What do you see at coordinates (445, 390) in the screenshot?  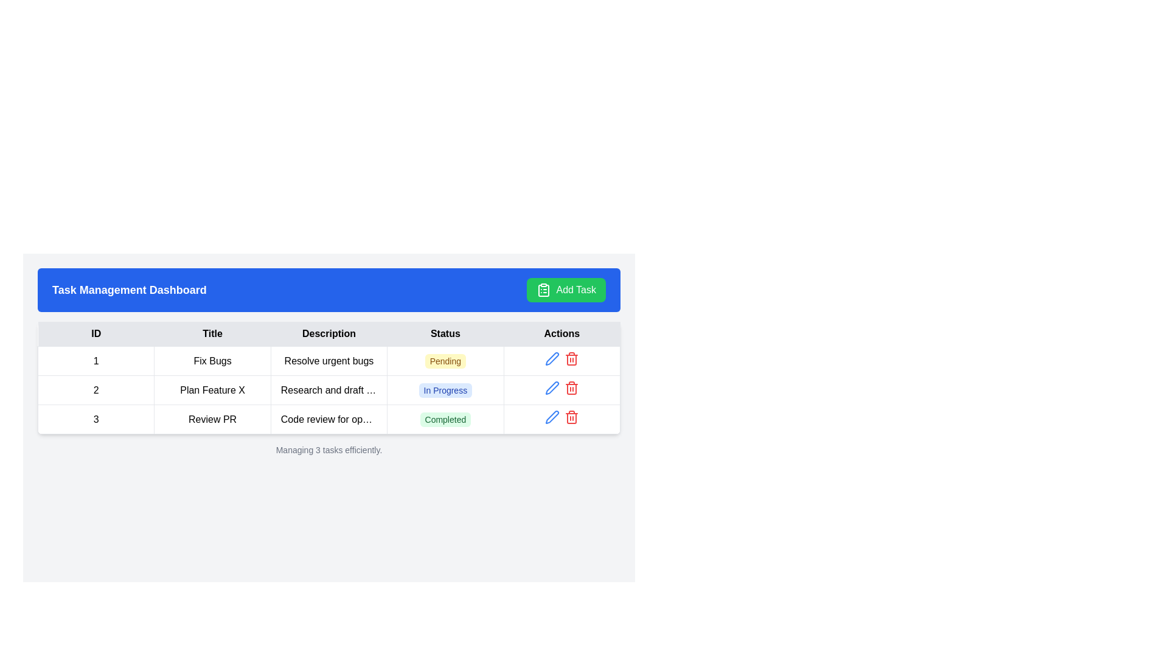 I see `the 'In Progress' status indicator, which is a rectangular button-style label with a soft blue background located in the 'Status' column of the task management table for the task 'Plan Feature X'` at bounding box center [445, 390].